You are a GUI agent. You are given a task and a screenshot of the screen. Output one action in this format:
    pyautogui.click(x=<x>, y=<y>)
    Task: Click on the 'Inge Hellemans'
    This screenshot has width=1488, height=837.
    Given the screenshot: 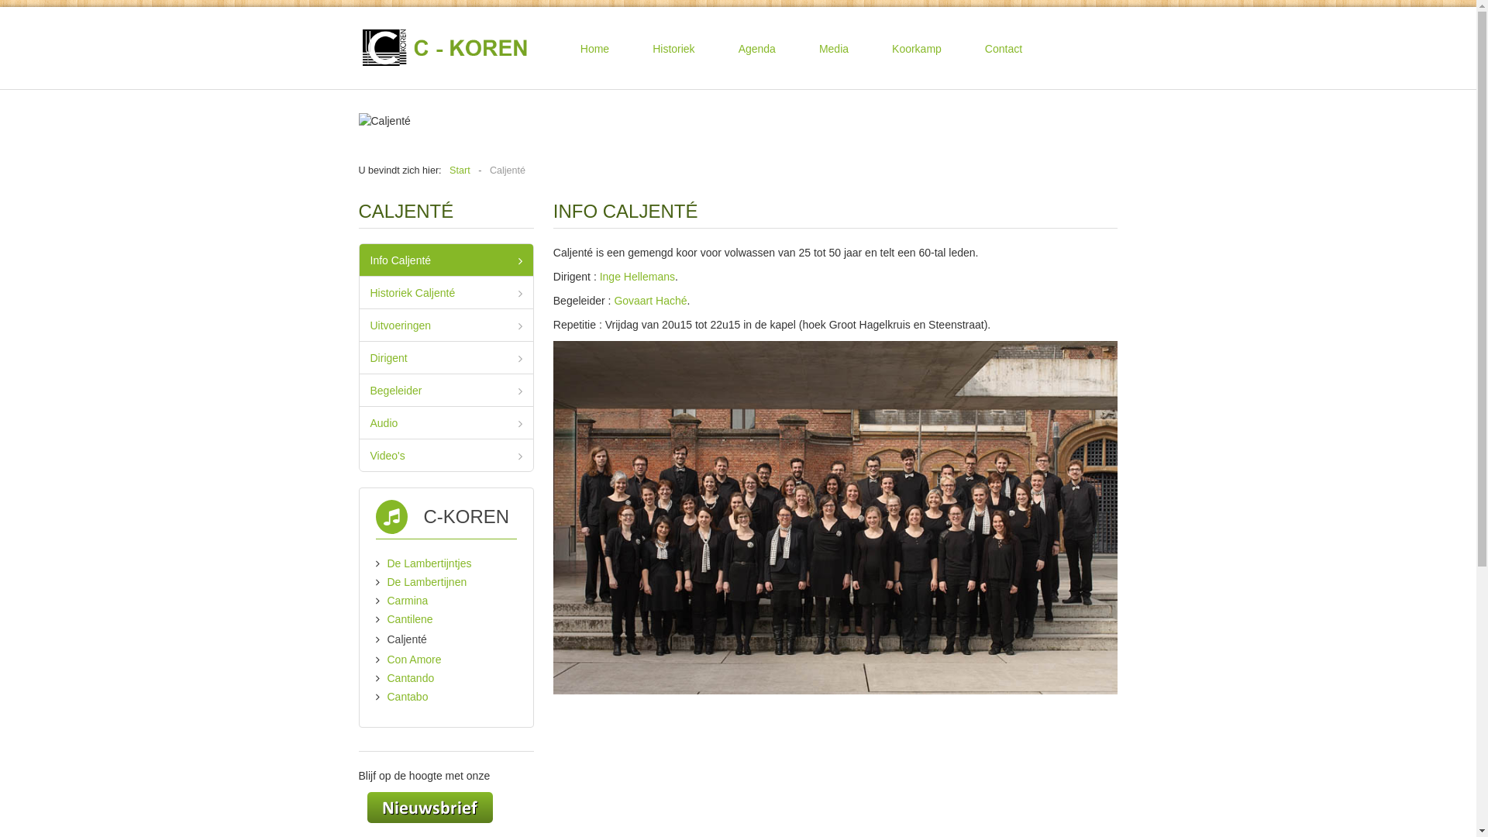 What is the action you would take?
    pyautogui.click(x=598, y=276)
    